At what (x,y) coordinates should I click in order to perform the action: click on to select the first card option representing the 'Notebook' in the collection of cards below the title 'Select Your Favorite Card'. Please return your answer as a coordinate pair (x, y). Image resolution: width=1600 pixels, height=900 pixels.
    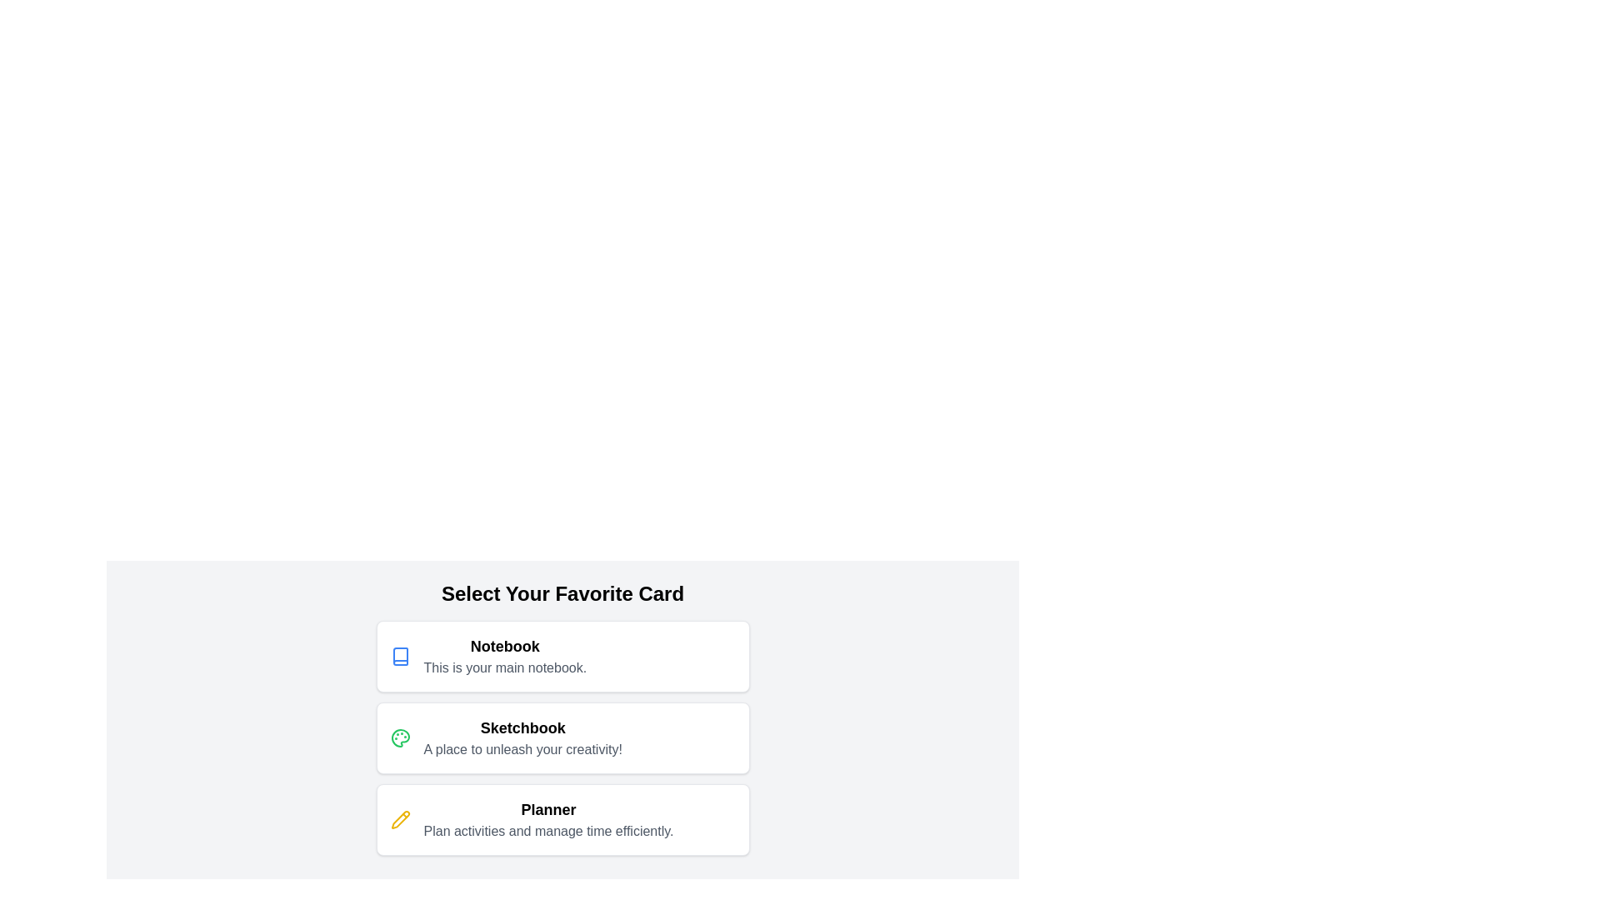
    Looking at the image, I should click on (562, 655).